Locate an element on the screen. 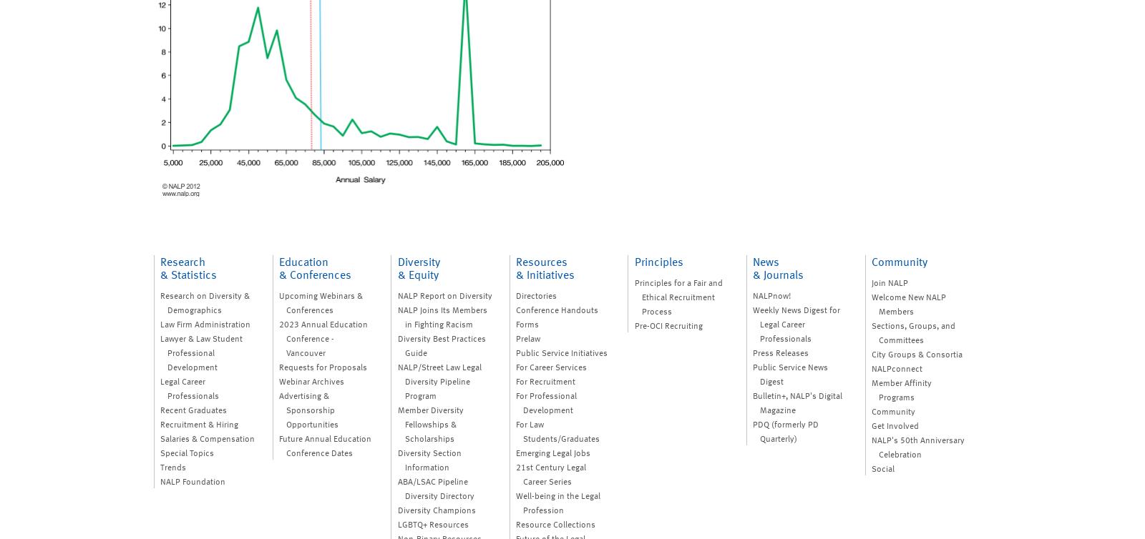  'NALP Foundation' is located at coordinates (193, 479).